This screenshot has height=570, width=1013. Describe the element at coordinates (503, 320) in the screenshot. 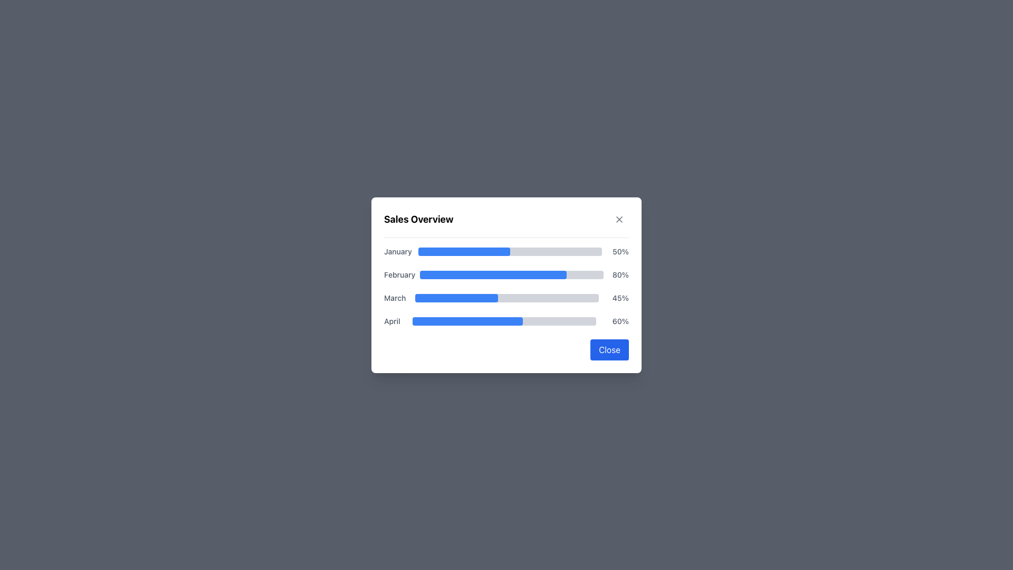

I see `the Progress Bar element displaying the progress for the month 'April' in the 'Sales Overview' dialog box` at that location.